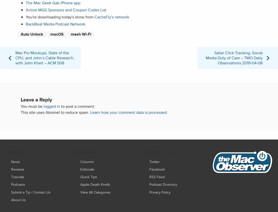  I want to click on 'Podcasts', so click(18, 184).